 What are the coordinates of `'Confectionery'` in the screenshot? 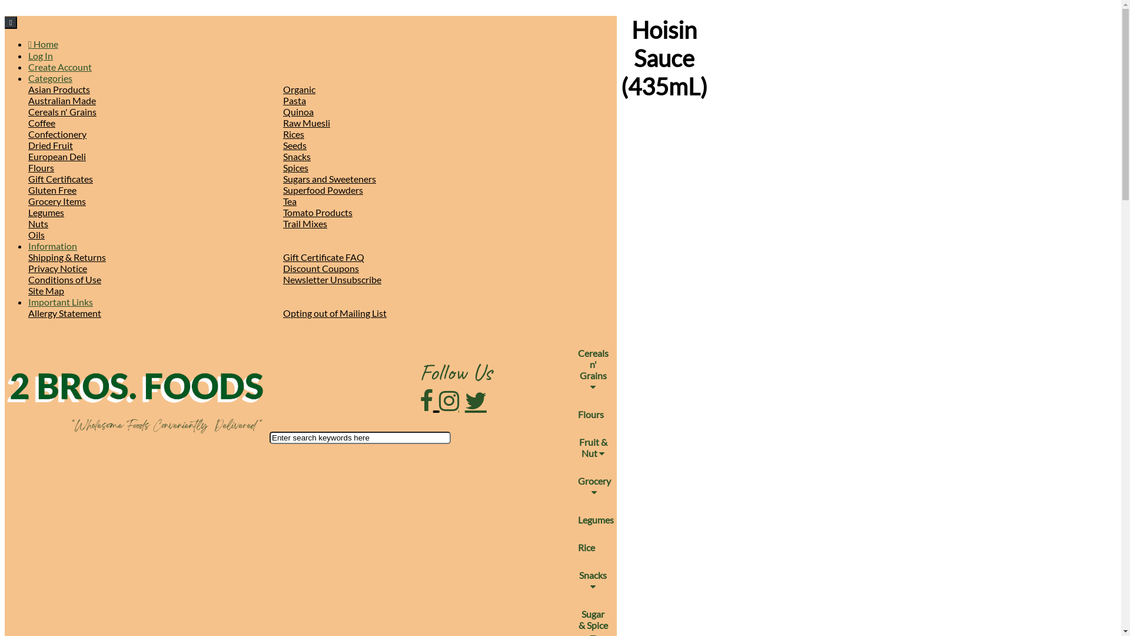 It's located at (28, 133).